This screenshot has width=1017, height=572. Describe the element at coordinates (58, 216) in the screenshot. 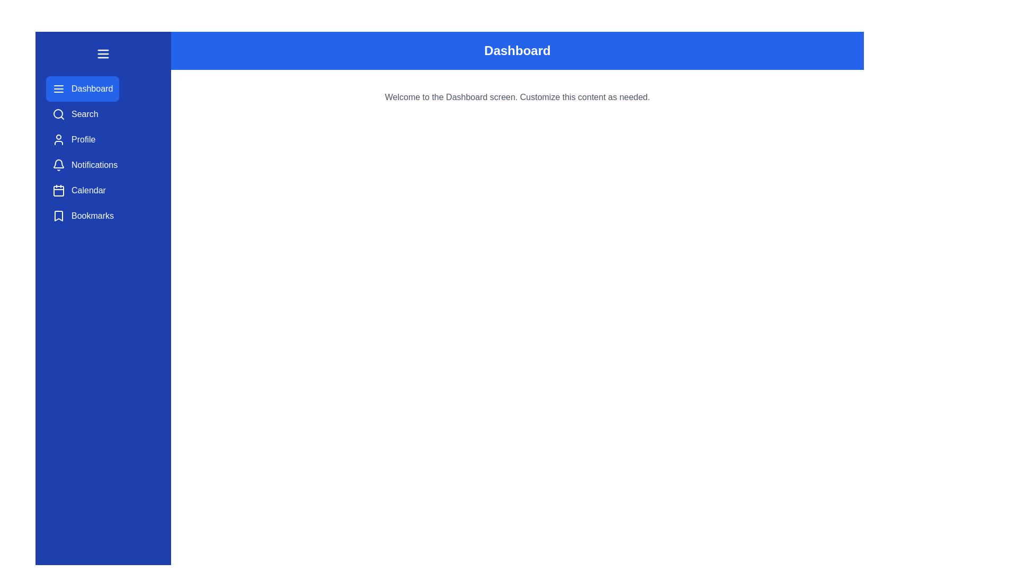

I see `the 'Bookmarks' icon, which is the sixth element in the vertical navigation panel, located directly below the 'Calendar' icon` at that location.